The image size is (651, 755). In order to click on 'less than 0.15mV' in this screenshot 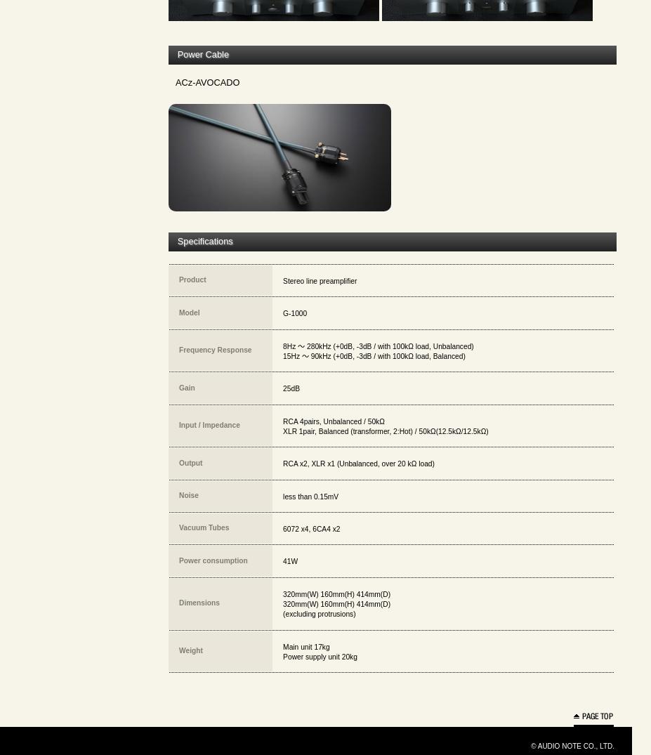, I will do `click(310, 495)`.